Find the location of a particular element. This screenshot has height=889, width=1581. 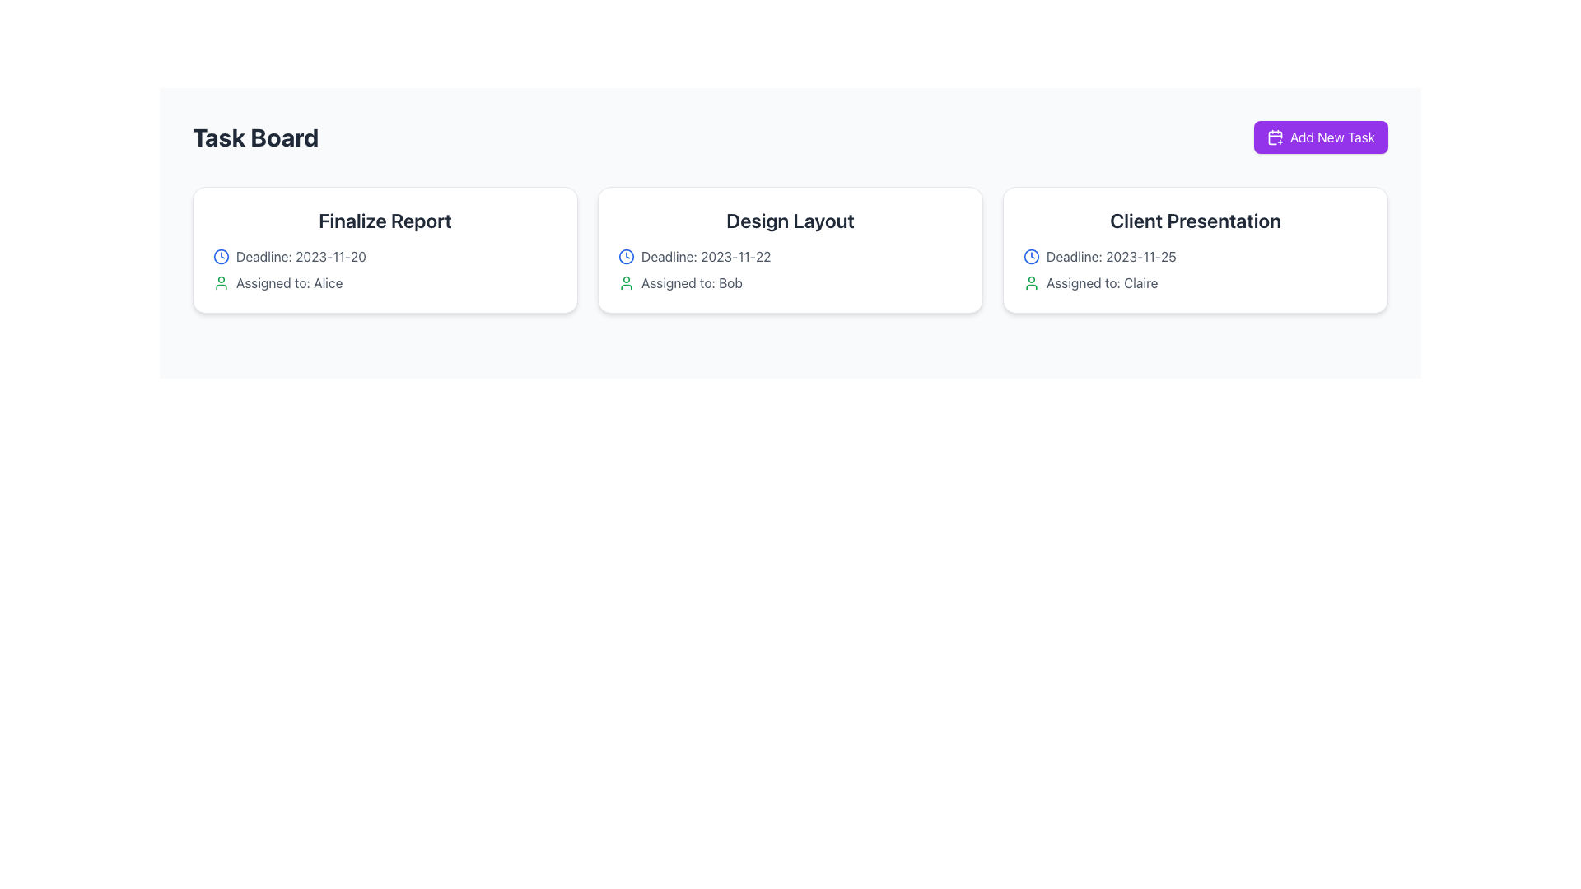

the user profile associated with Claire for the task 'Client Presentation', located below the deadline information in the rightmost column is located at coordinates (1195, 282).